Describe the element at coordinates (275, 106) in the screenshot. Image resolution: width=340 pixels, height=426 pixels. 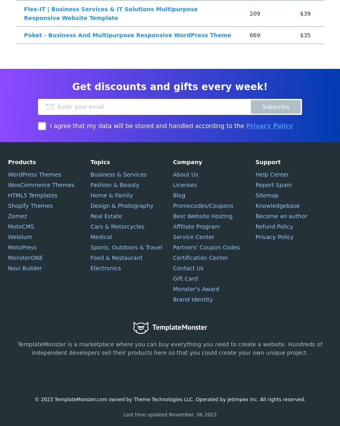
I see `'Subscribe'` at that location.